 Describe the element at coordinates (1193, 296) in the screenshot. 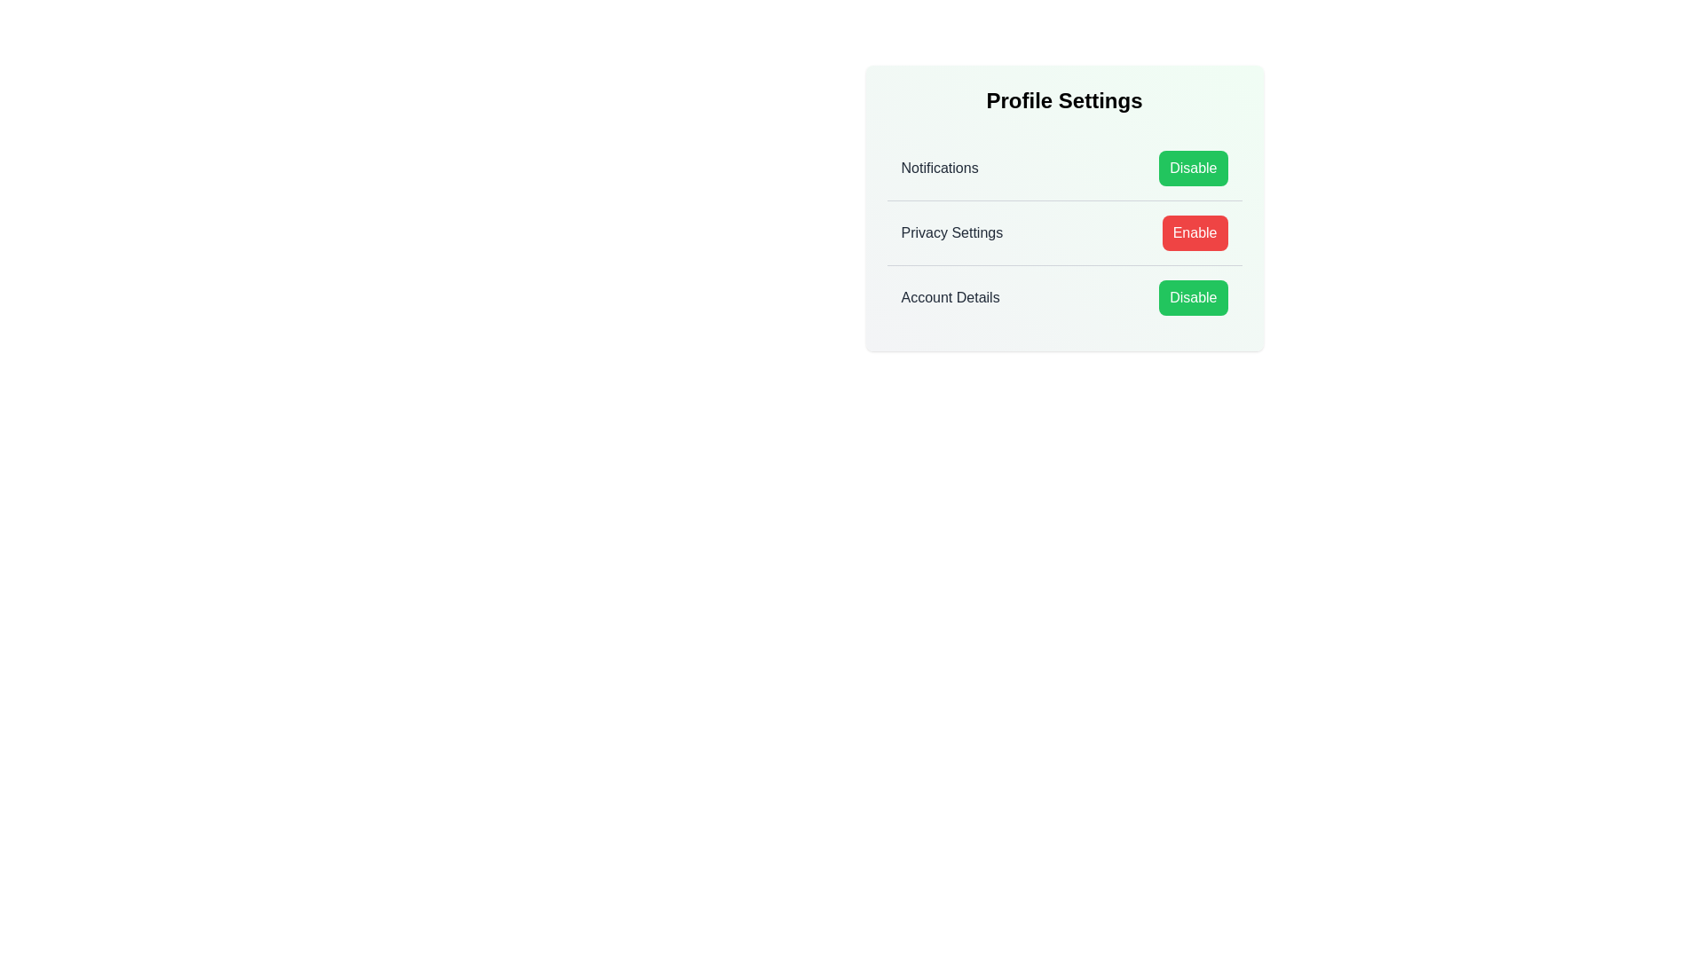

I see `'Disable' button for 'Account Details'` at that location.